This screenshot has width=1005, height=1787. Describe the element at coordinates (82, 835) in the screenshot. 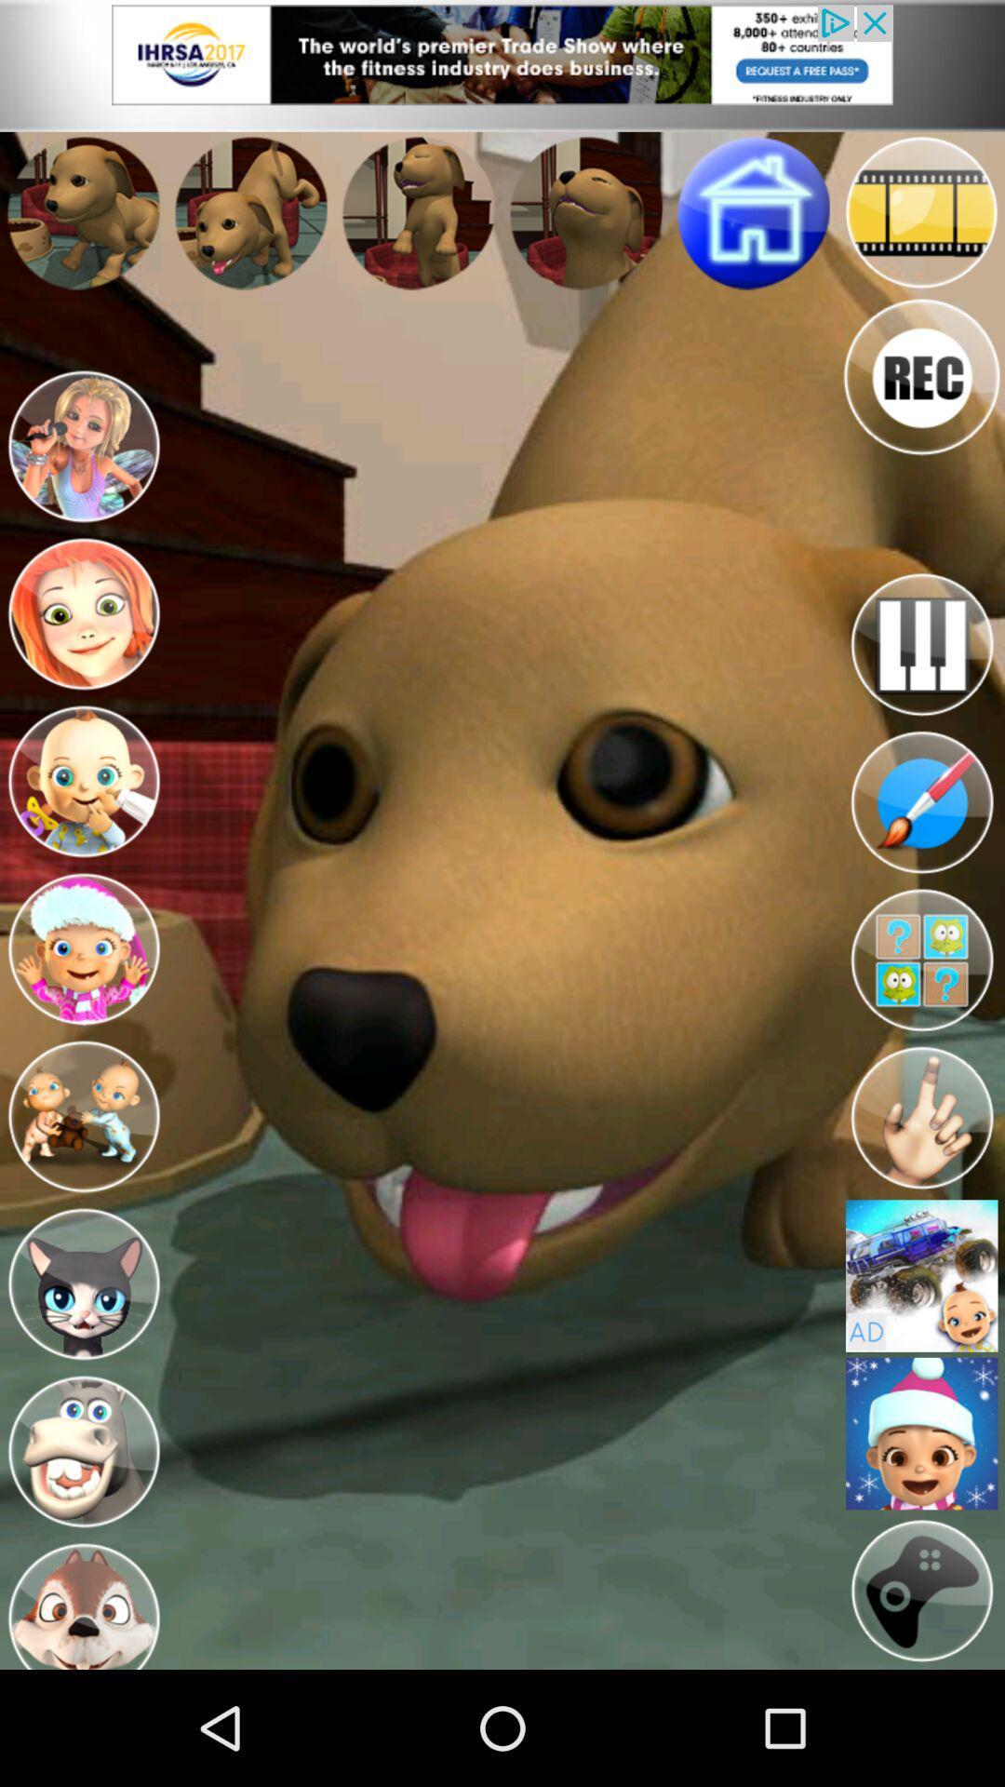

I see `the avatar icon` at that location.